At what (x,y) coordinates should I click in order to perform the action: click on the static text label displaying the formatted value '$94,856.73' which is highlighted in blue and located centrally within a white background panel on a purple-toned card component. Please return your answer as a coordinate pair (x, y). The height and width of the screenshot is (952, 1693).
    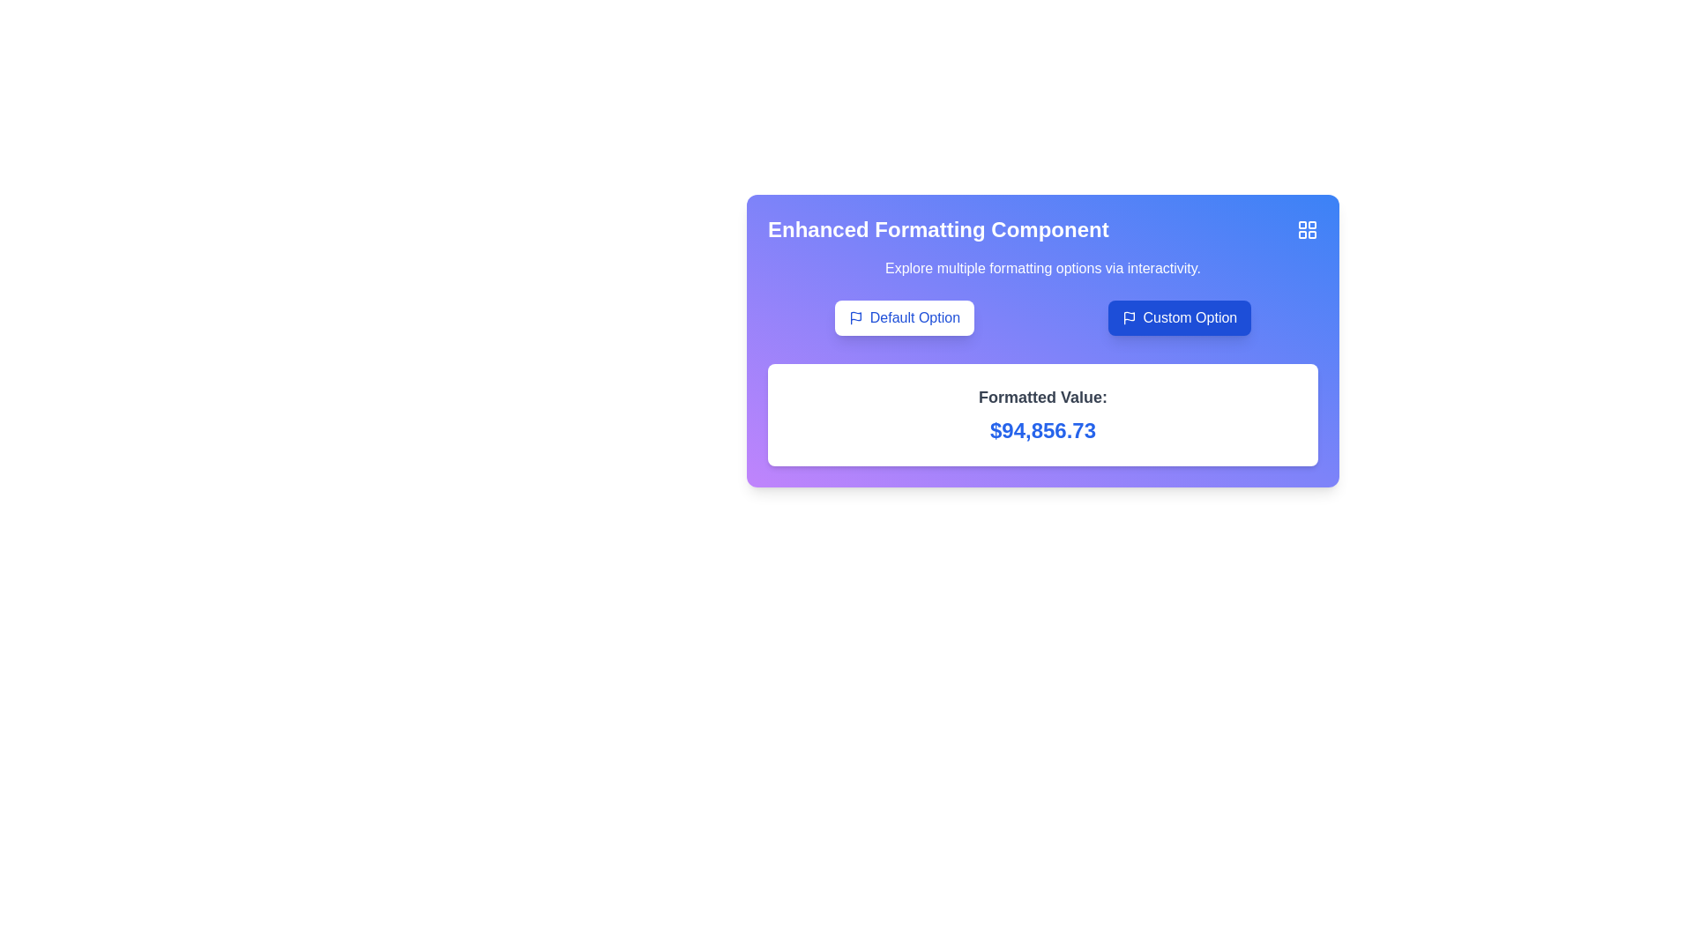
    Looking at the image, I should click on (1042, 414).